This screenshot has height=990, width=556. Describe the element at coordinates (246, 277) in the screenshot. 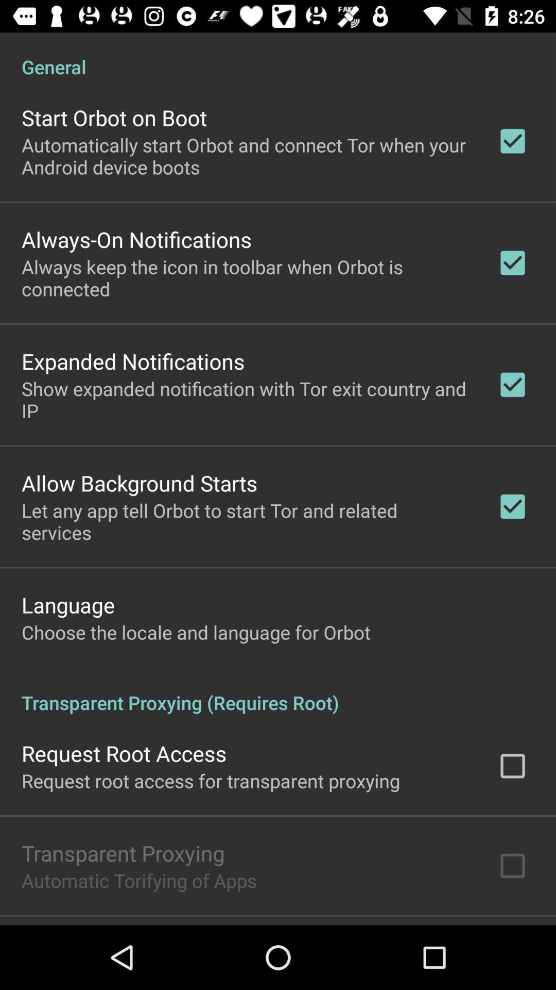

I see `the app below always-on notifications item` at that location.